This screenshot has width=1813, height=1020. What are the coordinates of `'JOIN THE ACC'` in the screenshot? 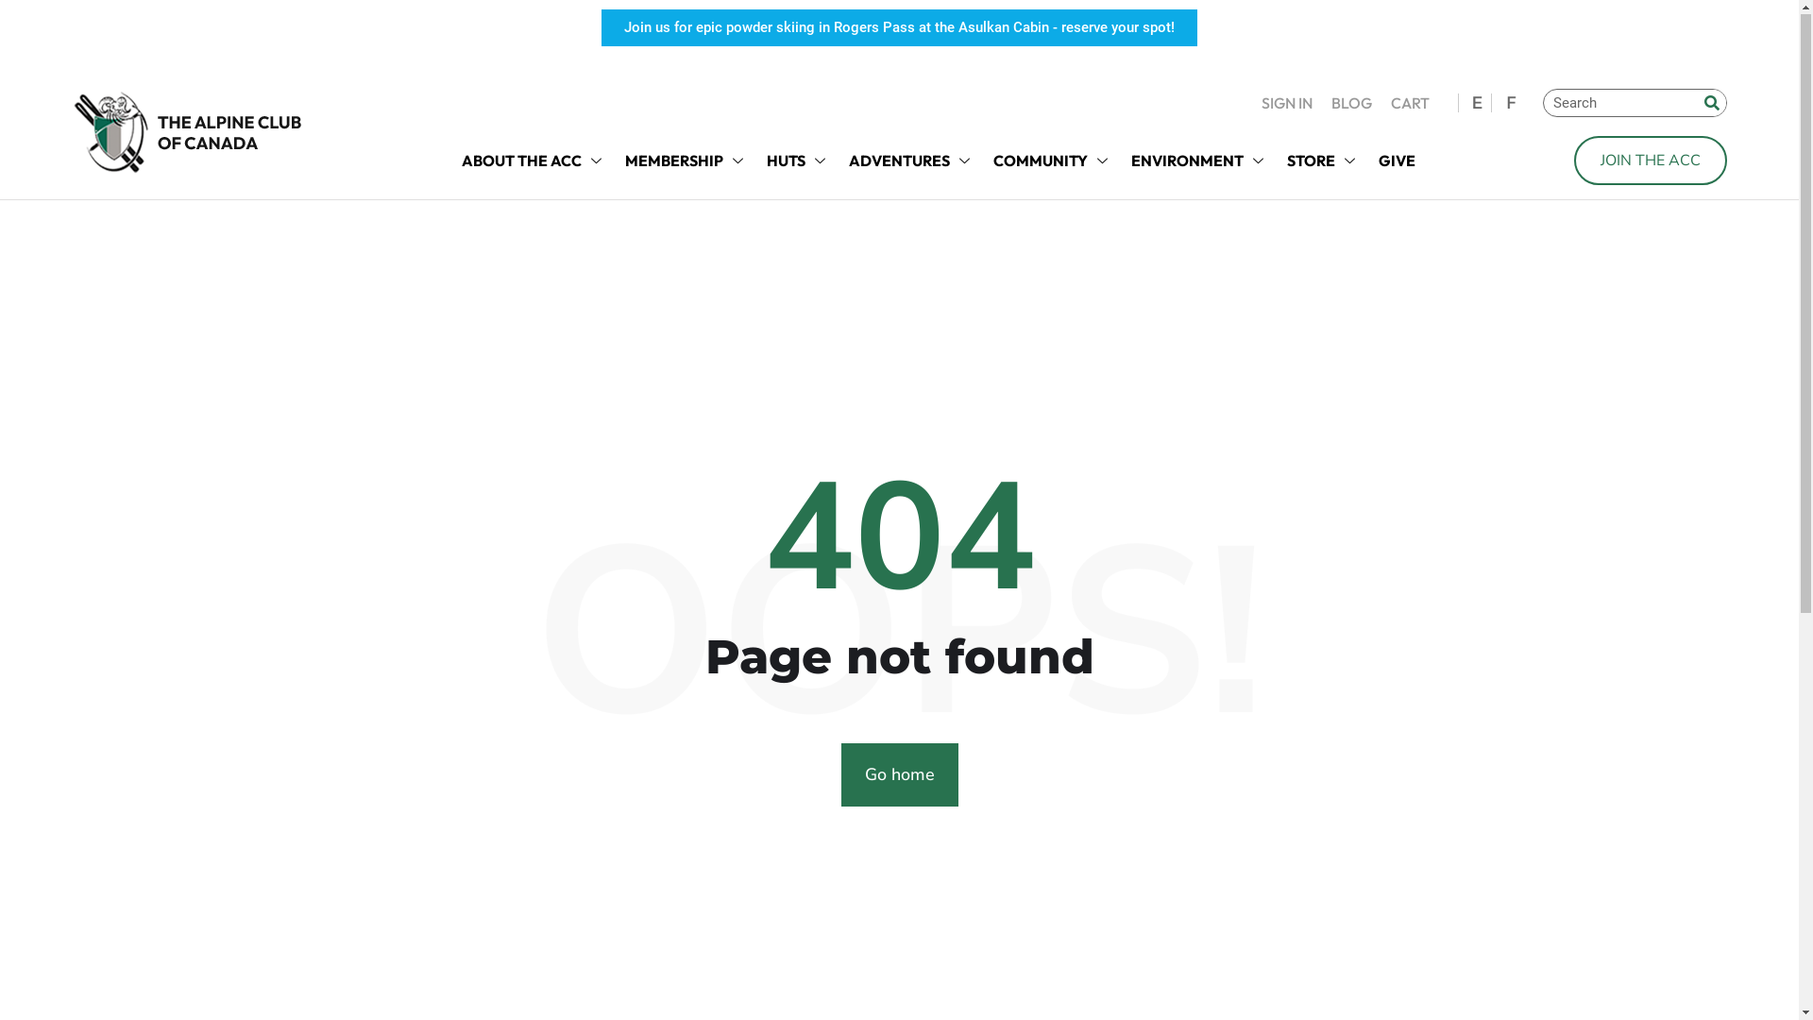 It's located at (1649, 160).